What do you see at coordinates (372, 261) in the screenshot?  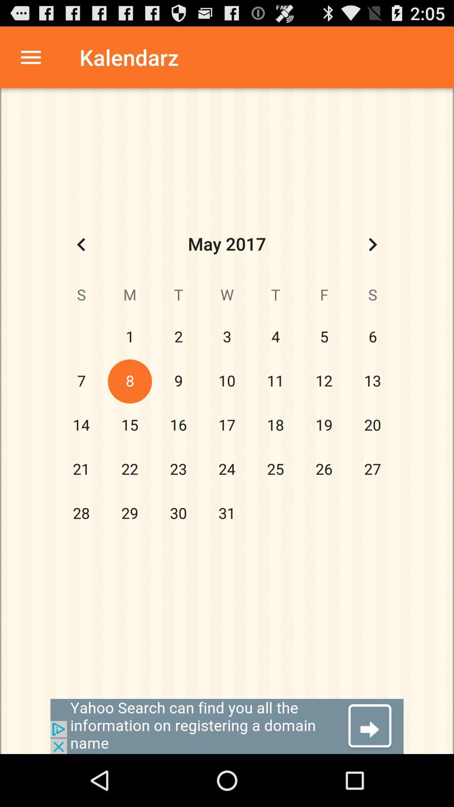 I see `the arrow_forward icon` at bounding box center [372, 261].